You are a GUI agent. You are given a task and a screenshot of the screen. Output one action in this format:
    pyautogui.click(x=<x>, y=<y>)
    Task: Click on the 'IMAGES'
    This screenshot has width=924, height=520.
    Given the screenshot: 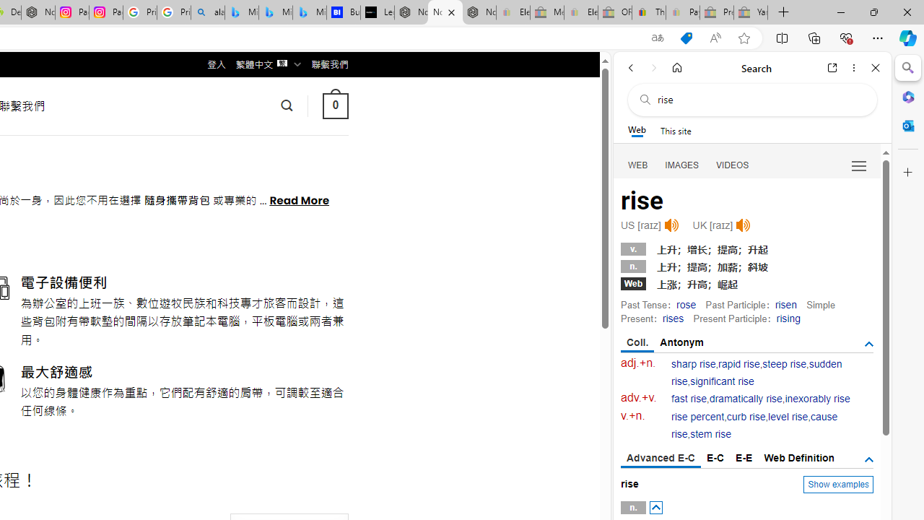 What is the action you would take?
    pyautogui.click(x=681, y=164)
    